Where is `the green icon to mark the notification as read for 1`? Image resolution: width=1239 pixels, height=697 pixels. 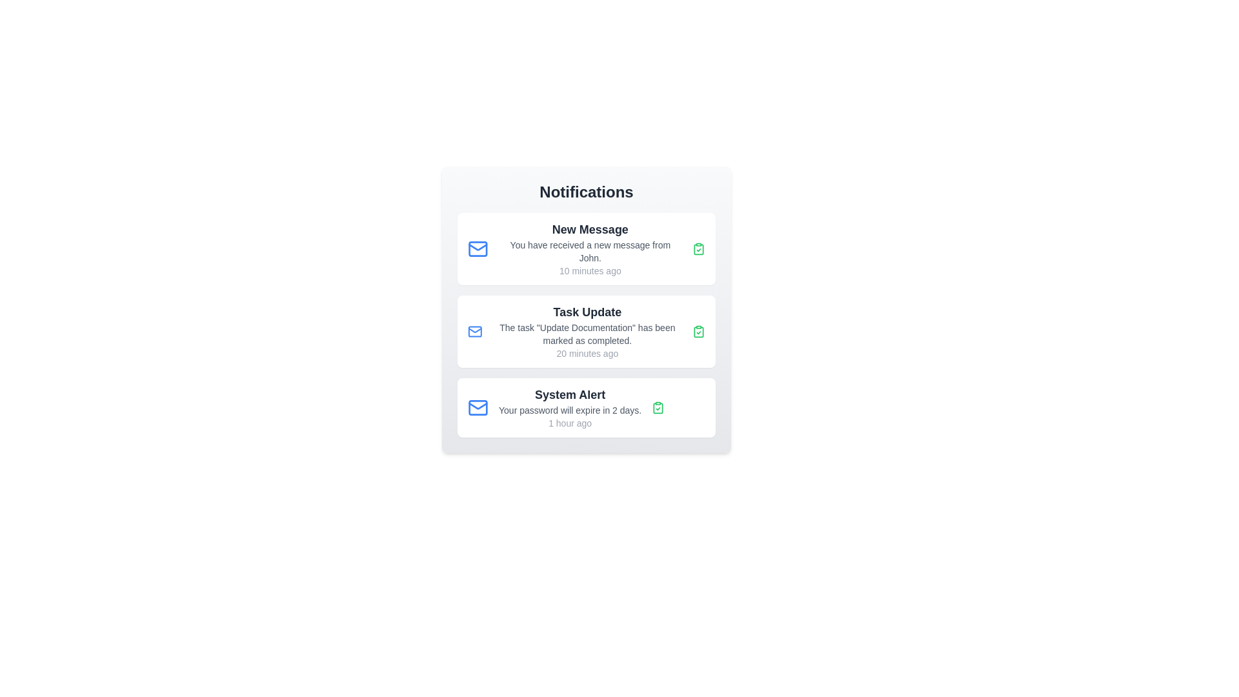 the green icon to mark the notification as read for 1 is located at coordinates (698, 248).